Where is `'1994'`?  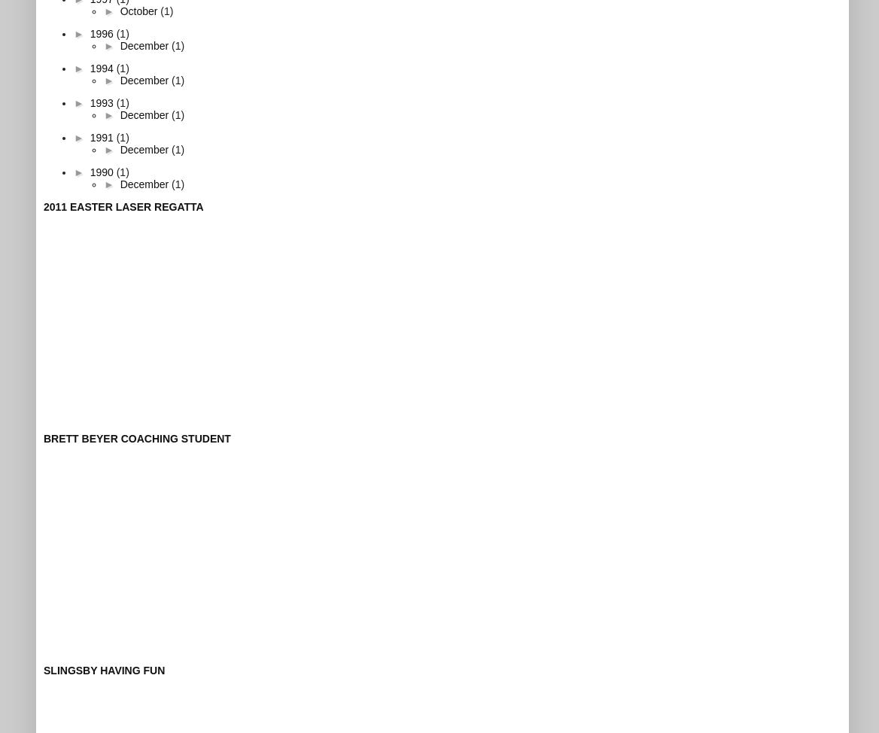 '1994' is located at coordinates (89, 66).